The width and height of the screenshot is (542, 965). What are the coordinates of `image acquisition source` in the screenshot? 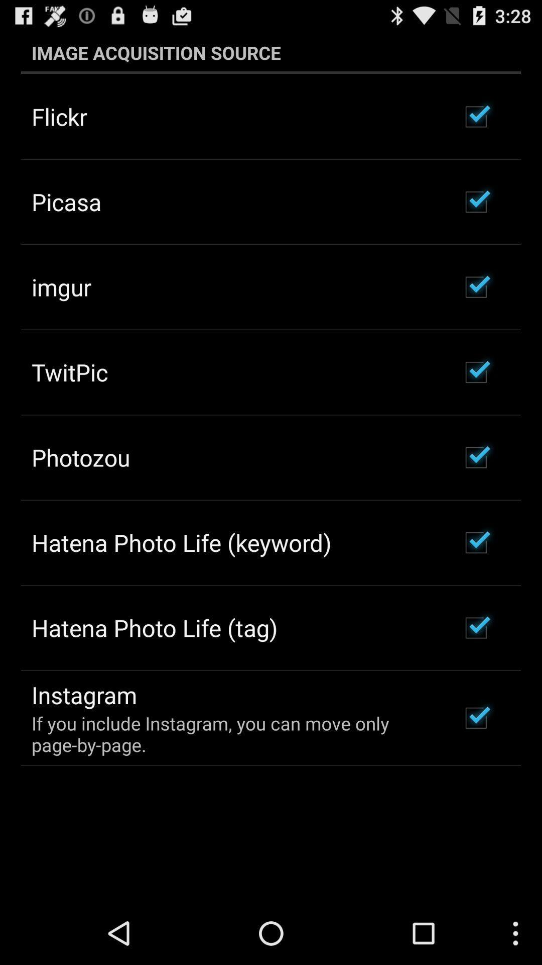 It's located at (271, 52).